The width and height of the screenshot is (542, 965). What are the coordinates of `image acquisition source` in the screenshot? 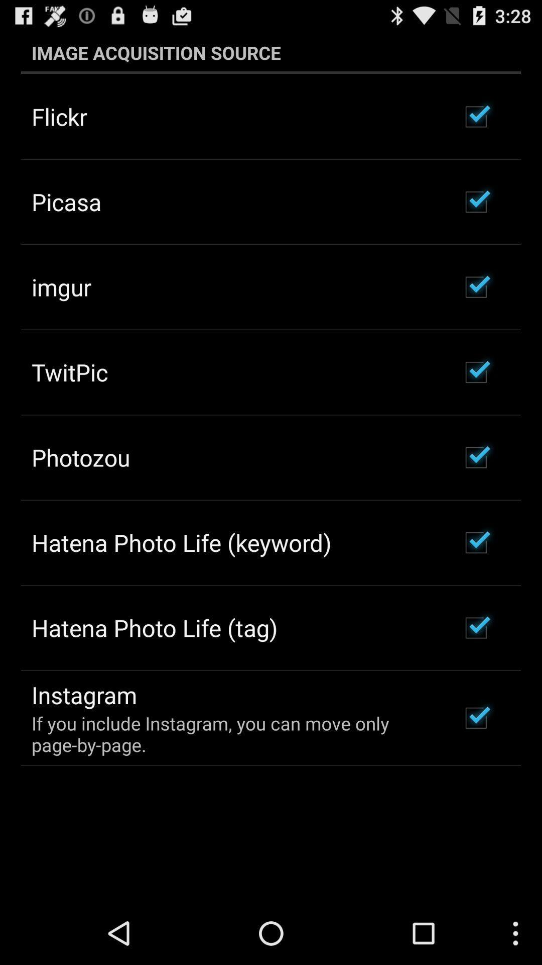 It's located at (271, 52).